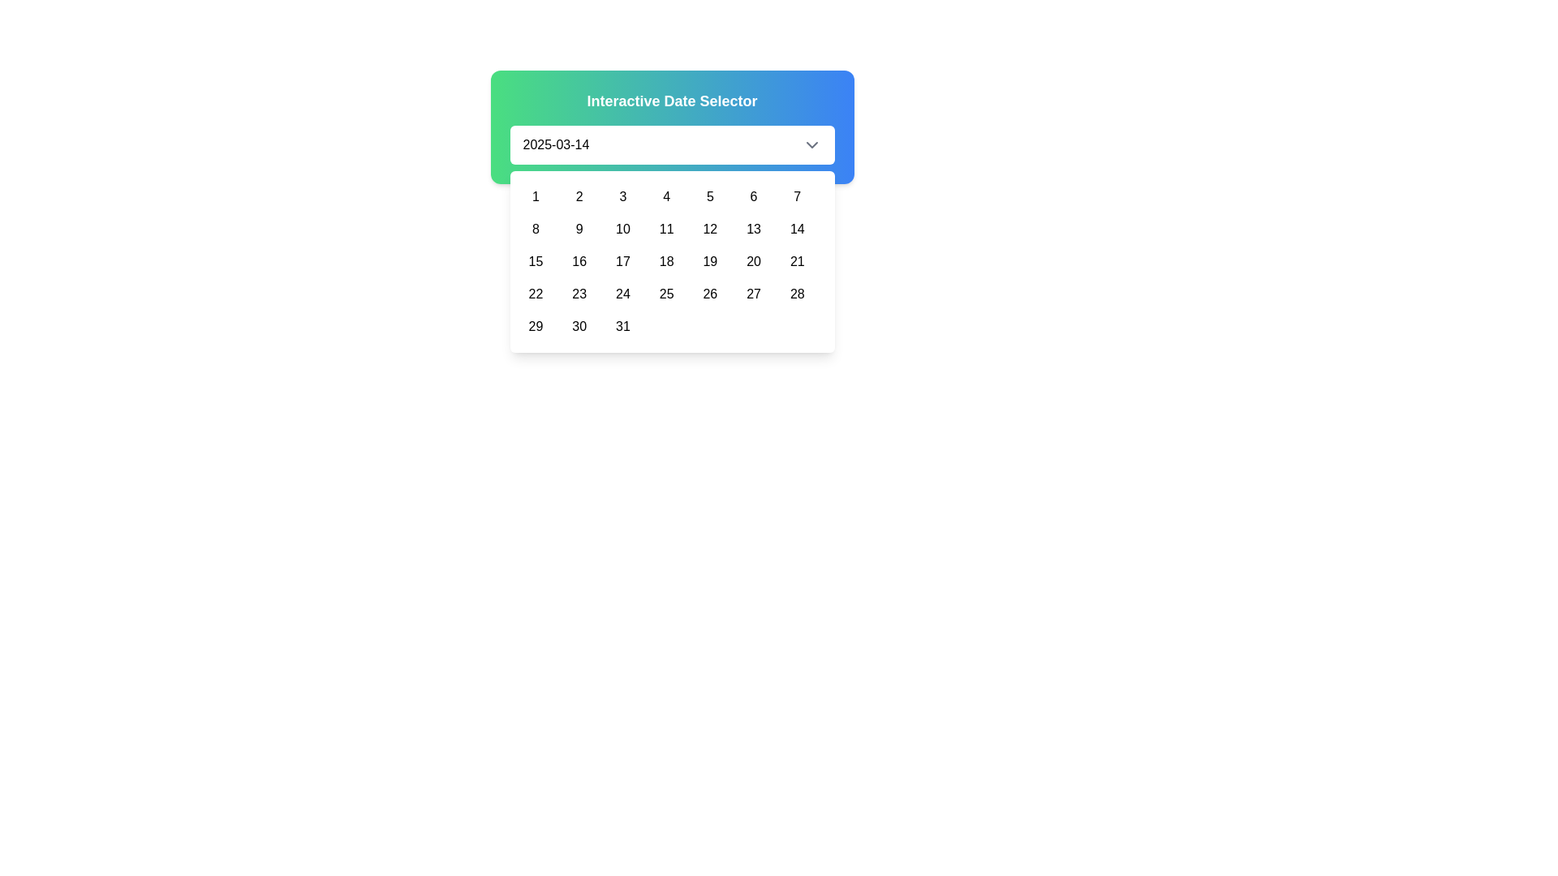 This screenshot has height=876, width=1558. I want to click on the button representing the date '14' in the calendar widget, located in the second row and seventh position of the grid layout, so click(797, 229).